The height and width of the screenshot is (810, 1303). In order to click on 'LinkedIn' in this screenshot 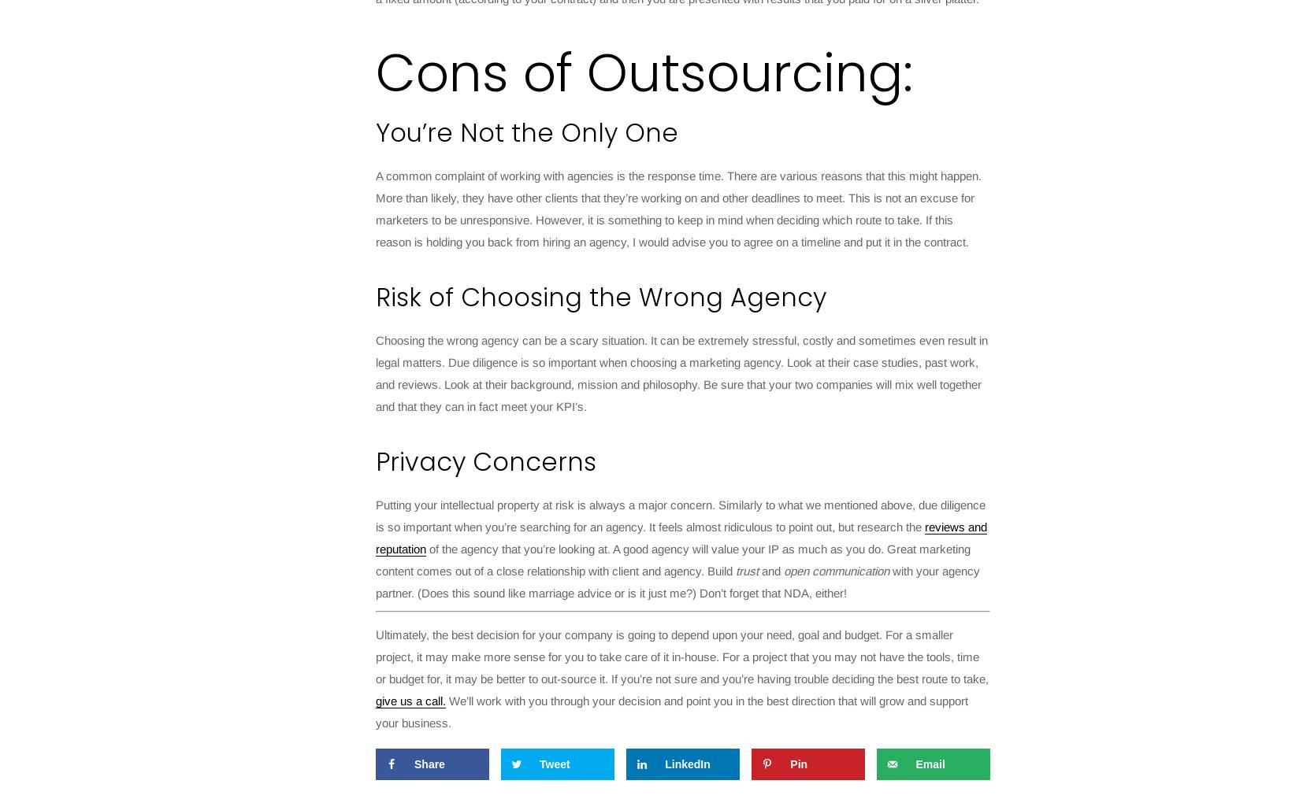, I will do `click(686, 763)`.